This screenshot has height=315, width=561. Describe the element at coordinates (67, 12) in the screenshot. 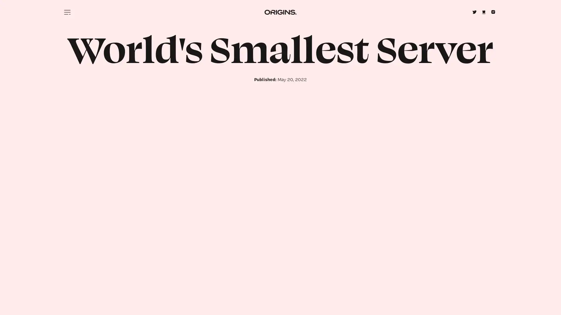

I see `Menu icon` at that location.